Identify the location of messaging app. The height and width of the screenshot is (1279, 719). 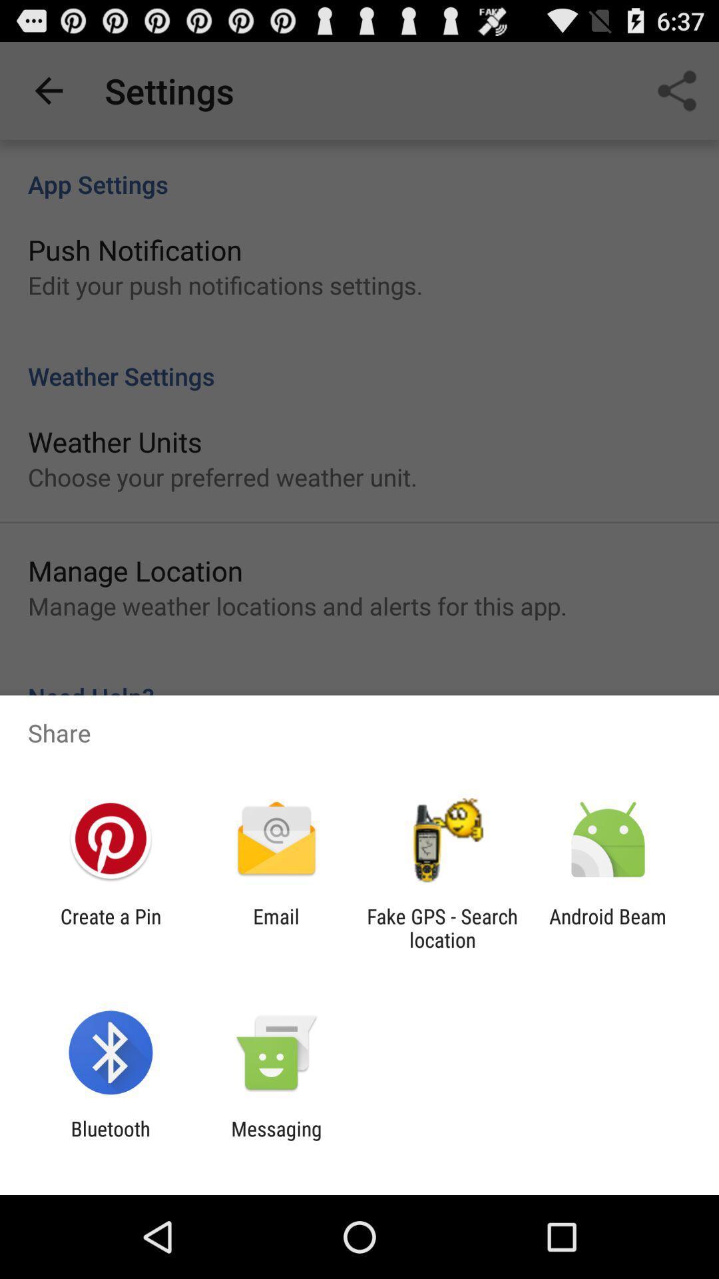
(276, 1140).